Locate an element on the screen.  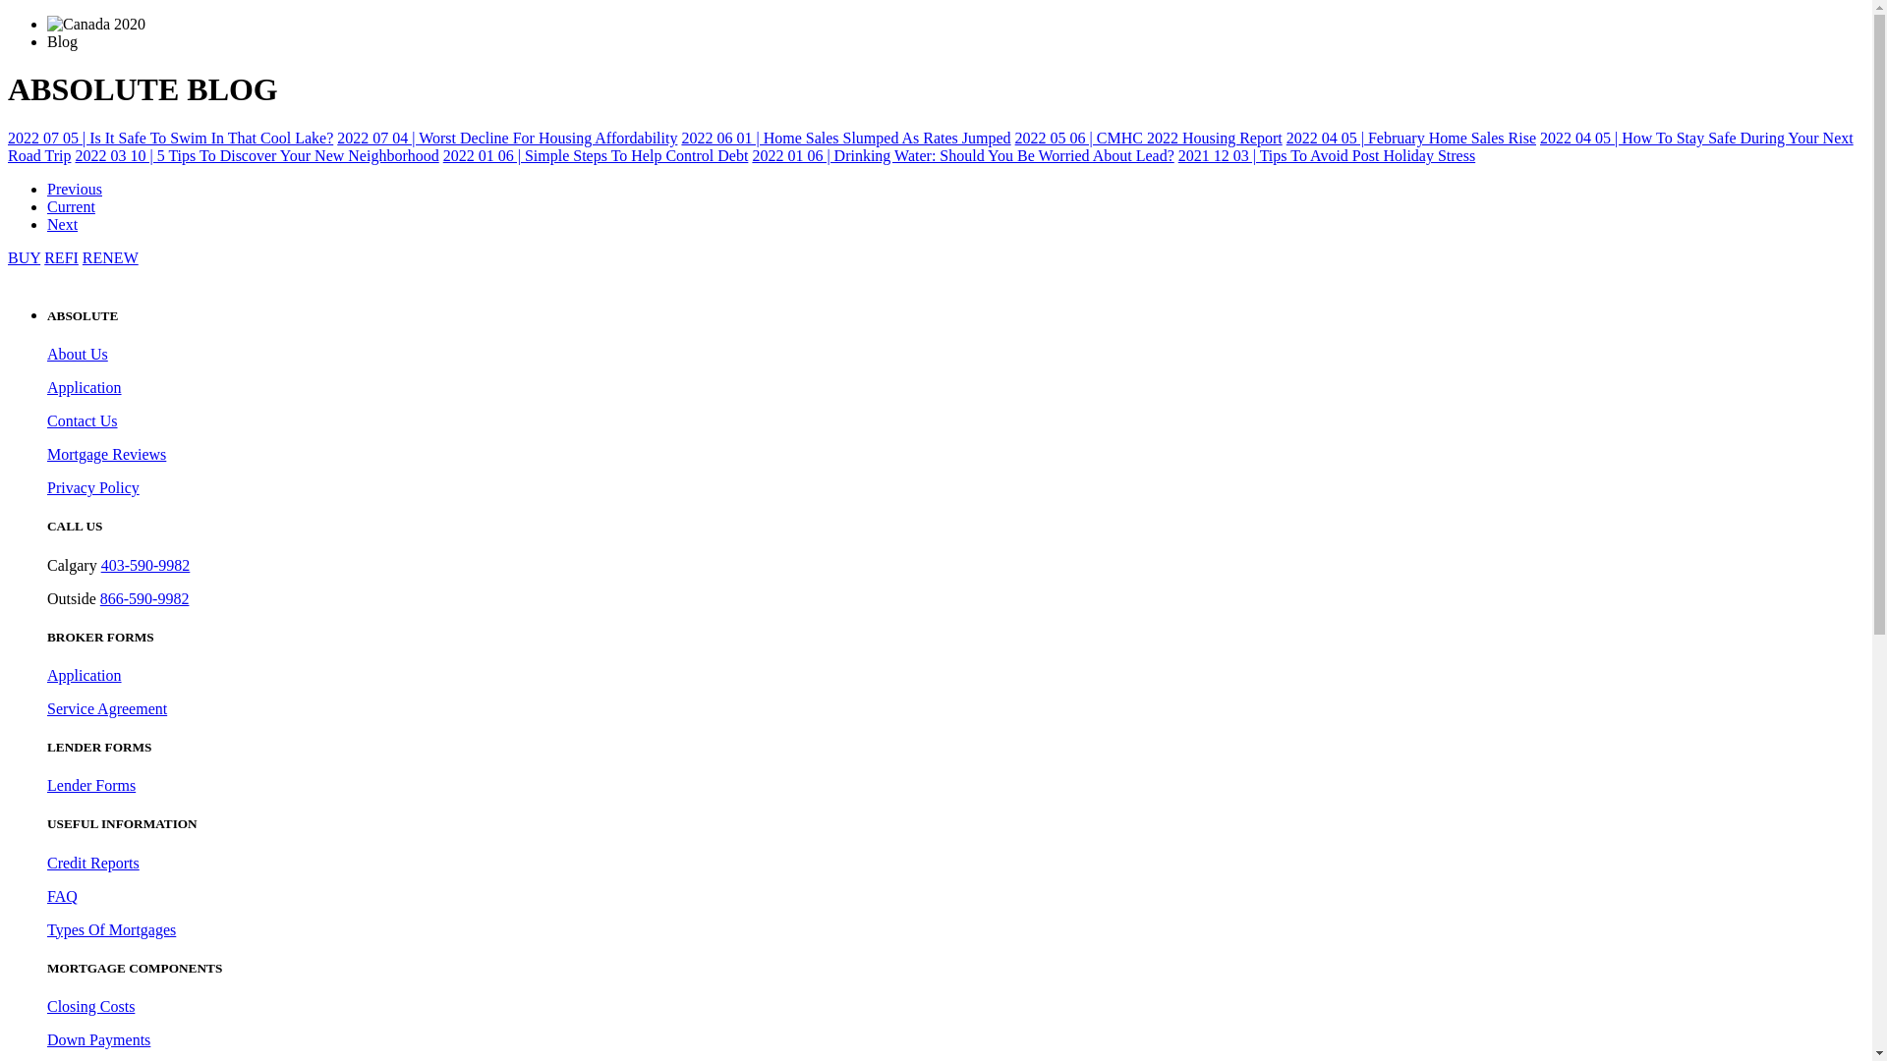
'FAQ' is located at coordinates (47, 896).